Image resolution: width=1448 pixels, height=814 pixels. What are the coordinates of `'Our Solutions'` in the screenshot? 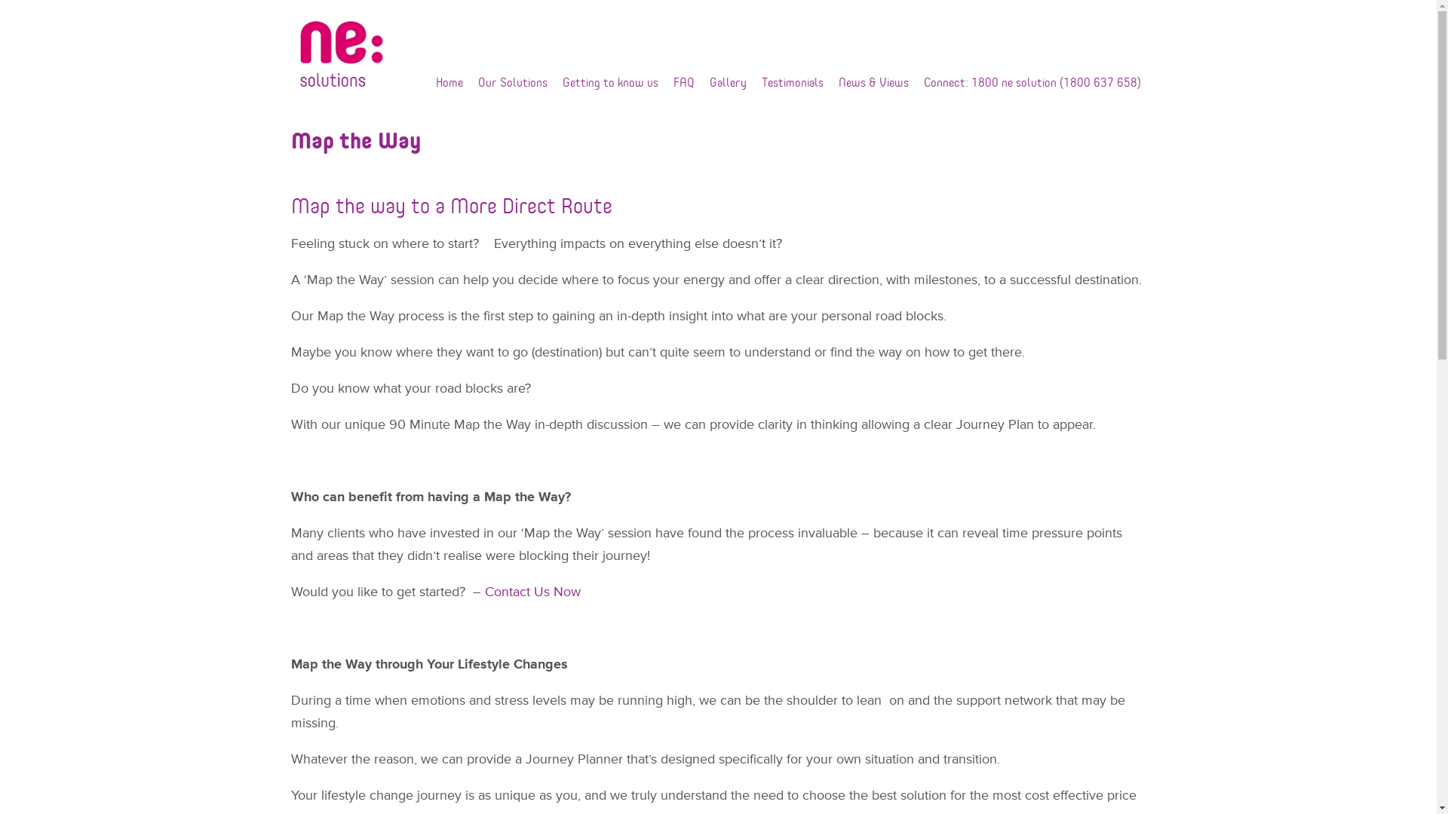 It's located at (513, 81).